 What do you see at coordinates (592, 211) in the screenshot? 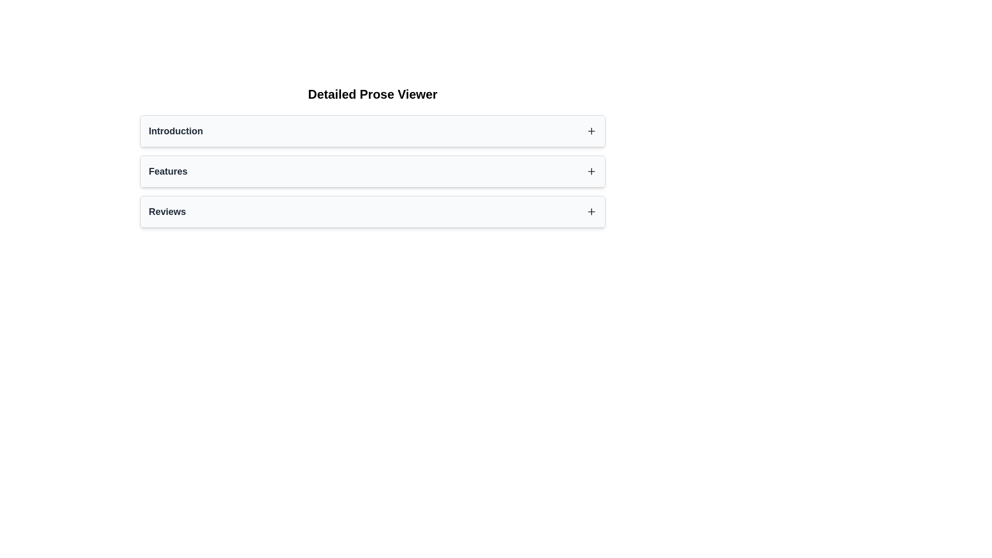
I see `the Icon button resembling a plus symbol located at the far right of the 'Reviews' section` at bounding box center [592, 211].